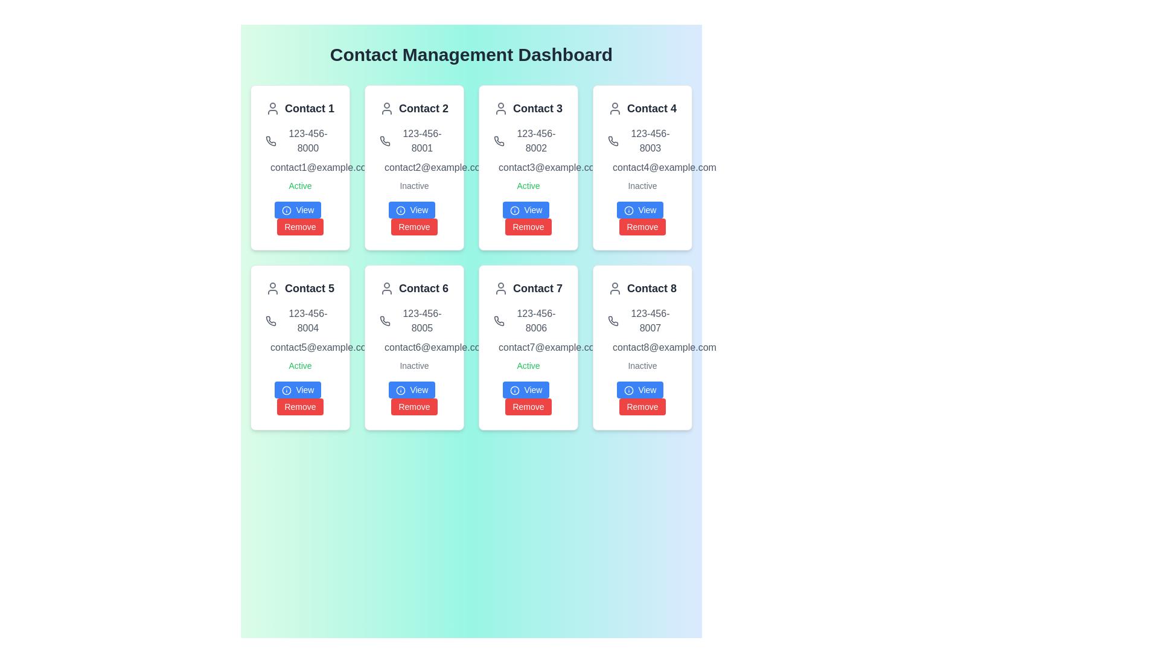 Image resolution: width=1159 pixels, height=652 pixels. I want to click on the non-interactive text label that identifies the contact information block as 'Contact 8', located at the top of the last contact card in the grid layout, so click(642, 289).